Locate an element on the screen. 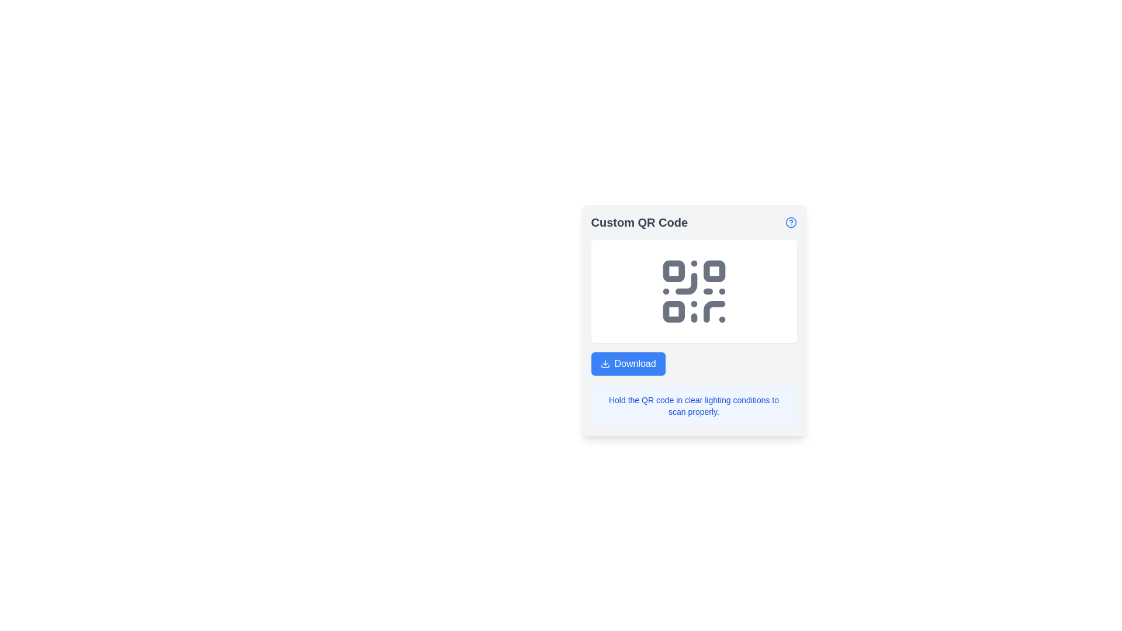  the top-left filled square module of the QR code in the 'Custom QR Code' dialog box is located at coordinates (673, 271).